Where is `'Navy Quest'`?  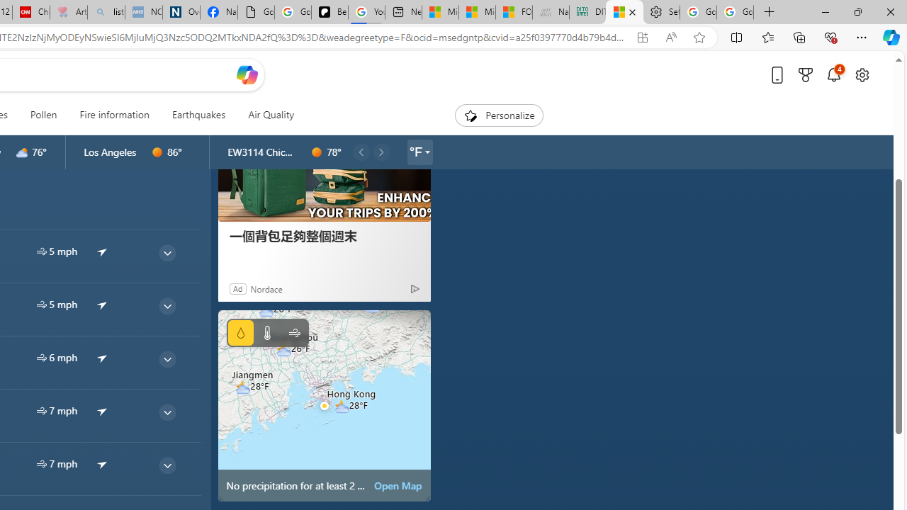
'Navy Quest' is located at coordinates (549, 12).